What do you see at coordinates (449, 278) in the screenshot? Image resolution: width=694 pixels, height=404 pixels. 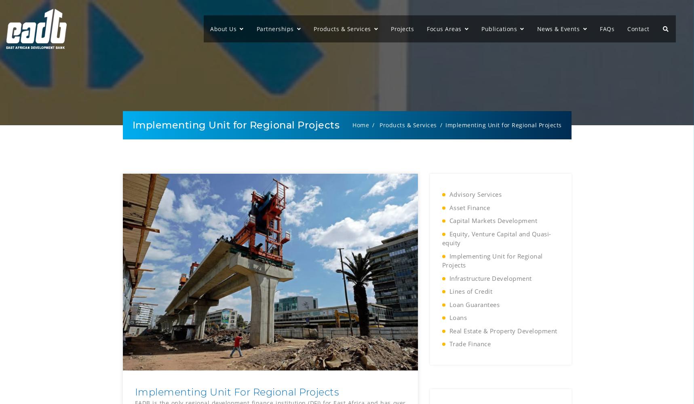 I see `'Infrastructure Development'` at bounding box center [449, 278].